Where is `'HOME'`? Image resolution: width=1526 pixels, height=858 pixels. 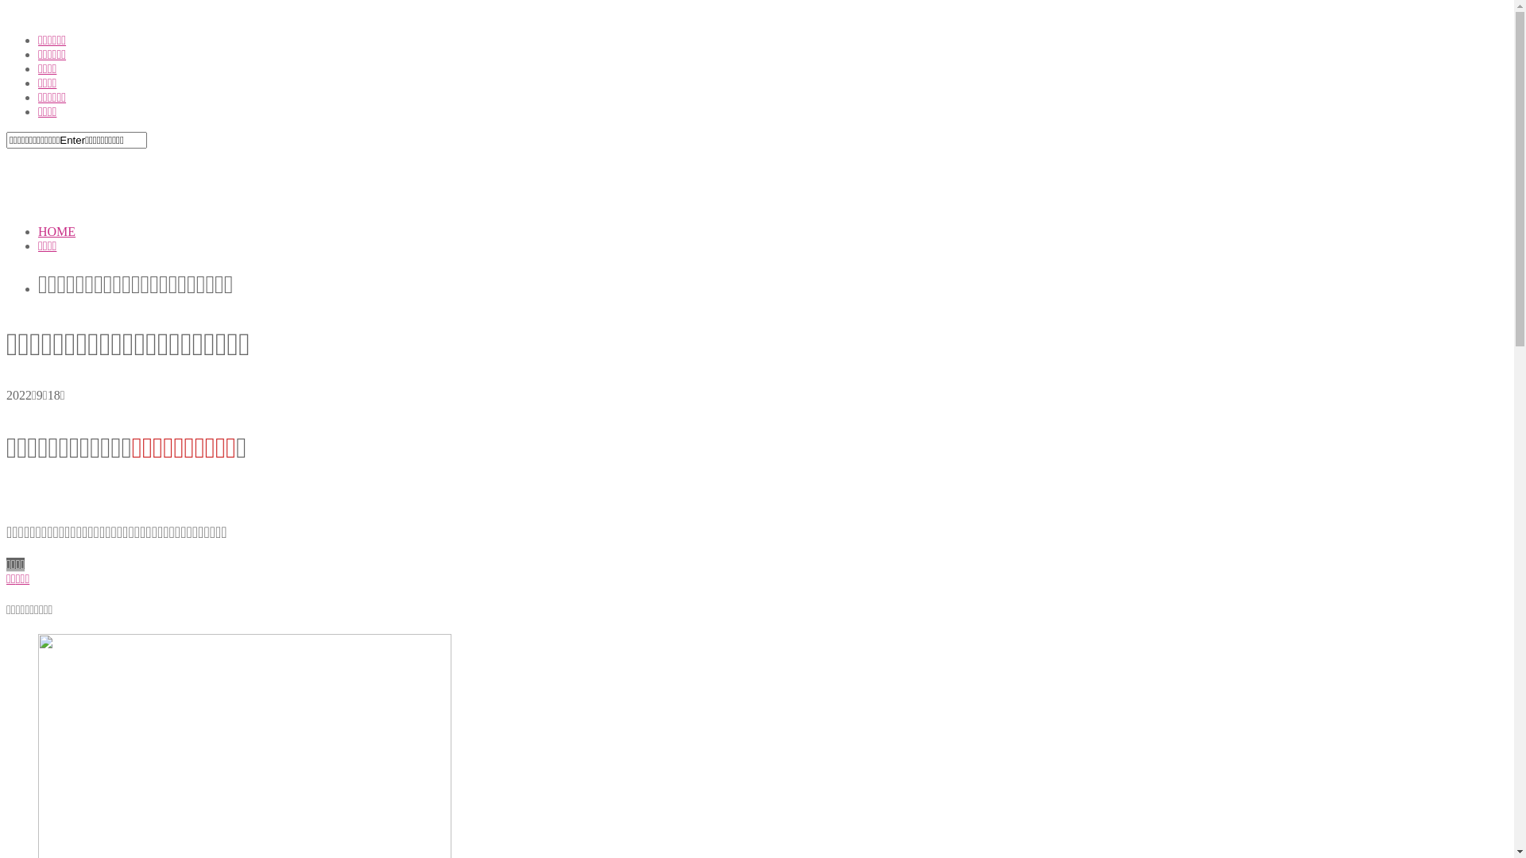
'HOME' is located at coordinates (56, 231).